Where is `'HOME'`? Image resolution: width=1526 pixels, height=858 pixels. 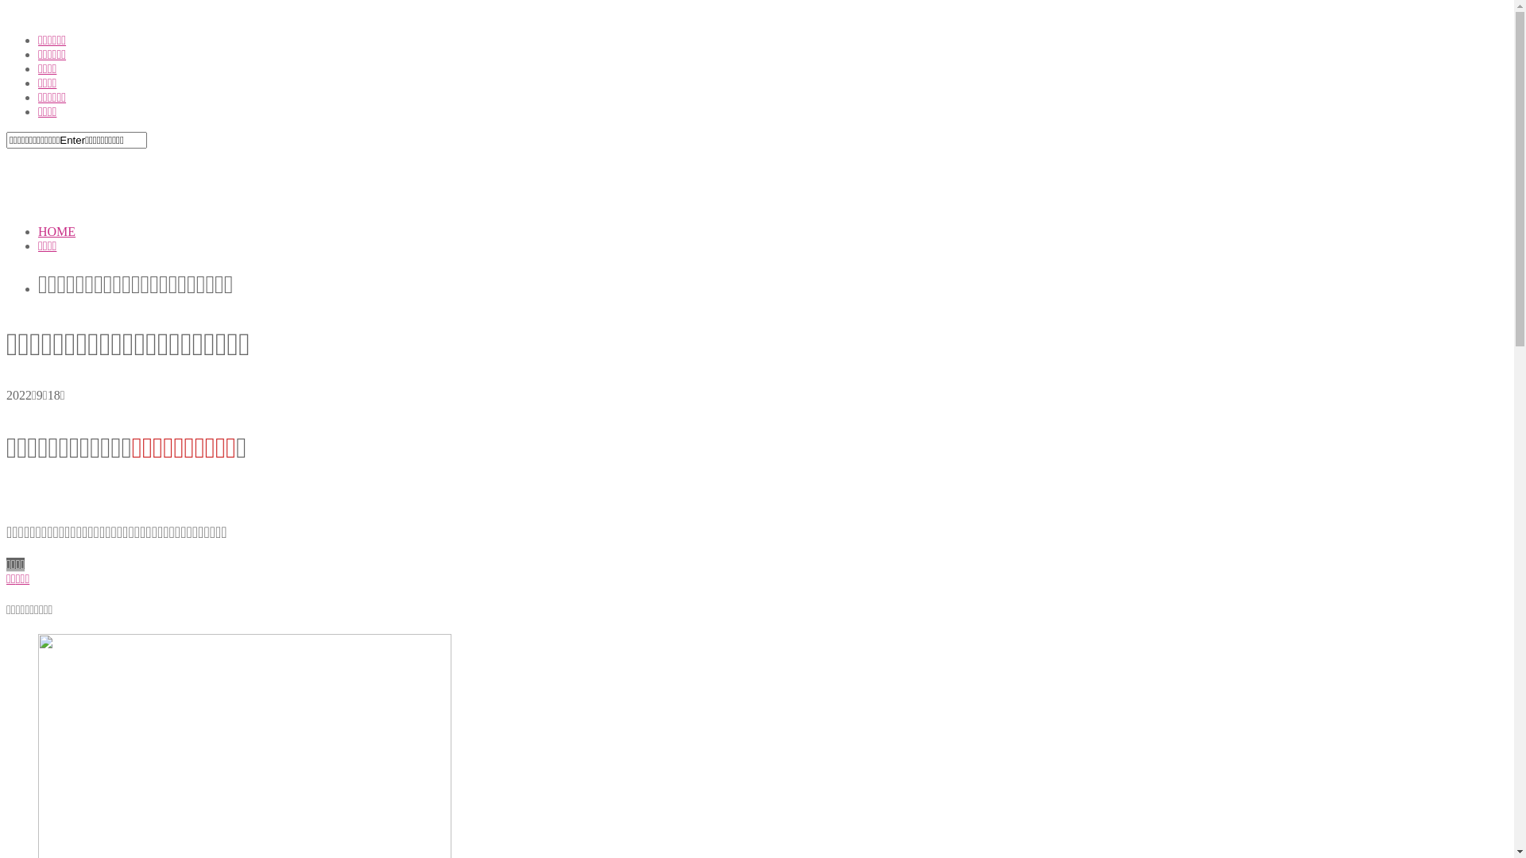
'HOME' is located at coordinates (56, 231).